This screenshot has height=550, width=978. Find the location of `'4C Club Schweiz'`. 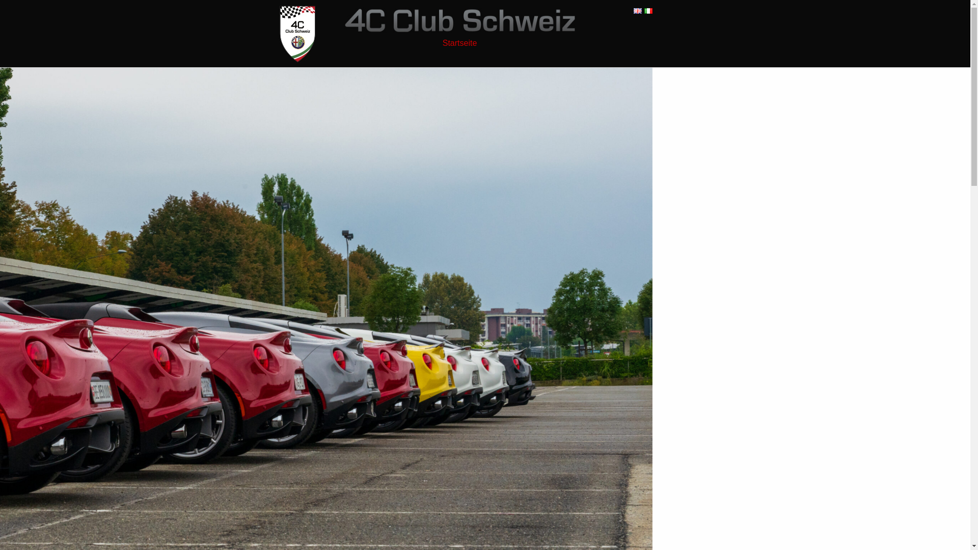

'4C Club Schweiz' is located at coordinates (459, 20).